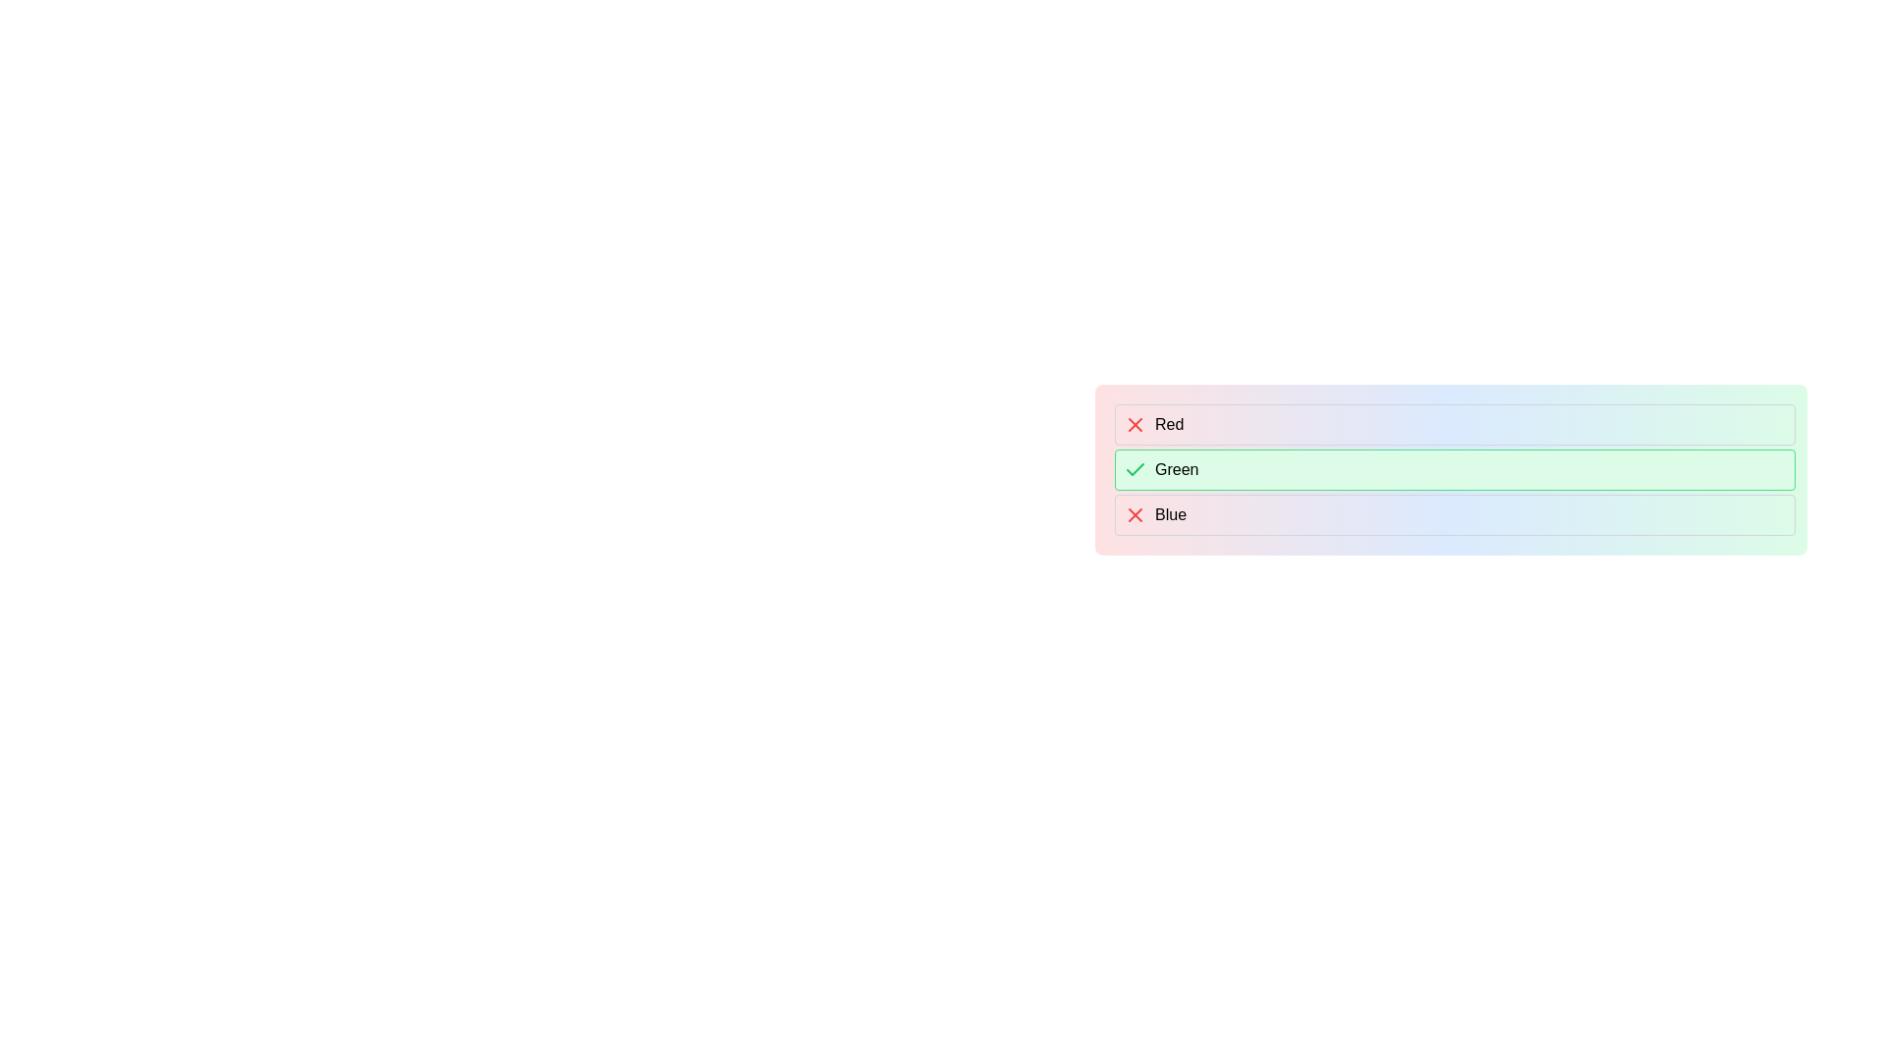 Image resolution: width=1886 pixels, height=1060 pixels. What do you see at coordinates (1136, 513) in the screenshot?
I see `the red cross icon button in the 'Blue' option row` at bounding box center [1136, 513].